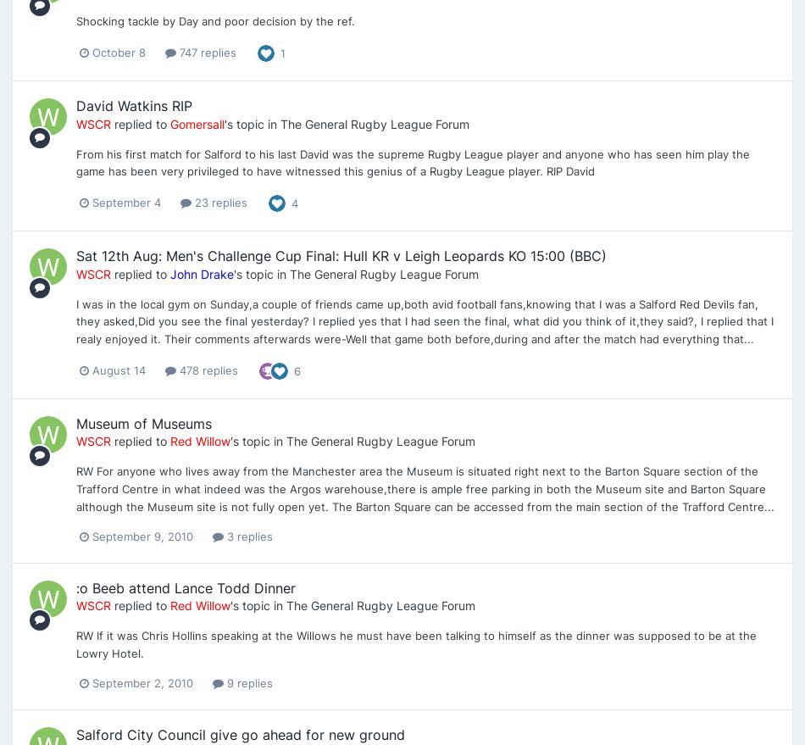 This screenshot has width=805, height=745. Describe the element at coordinates (202, 272) in the screenshot. I see `'John Drake'` at that location.